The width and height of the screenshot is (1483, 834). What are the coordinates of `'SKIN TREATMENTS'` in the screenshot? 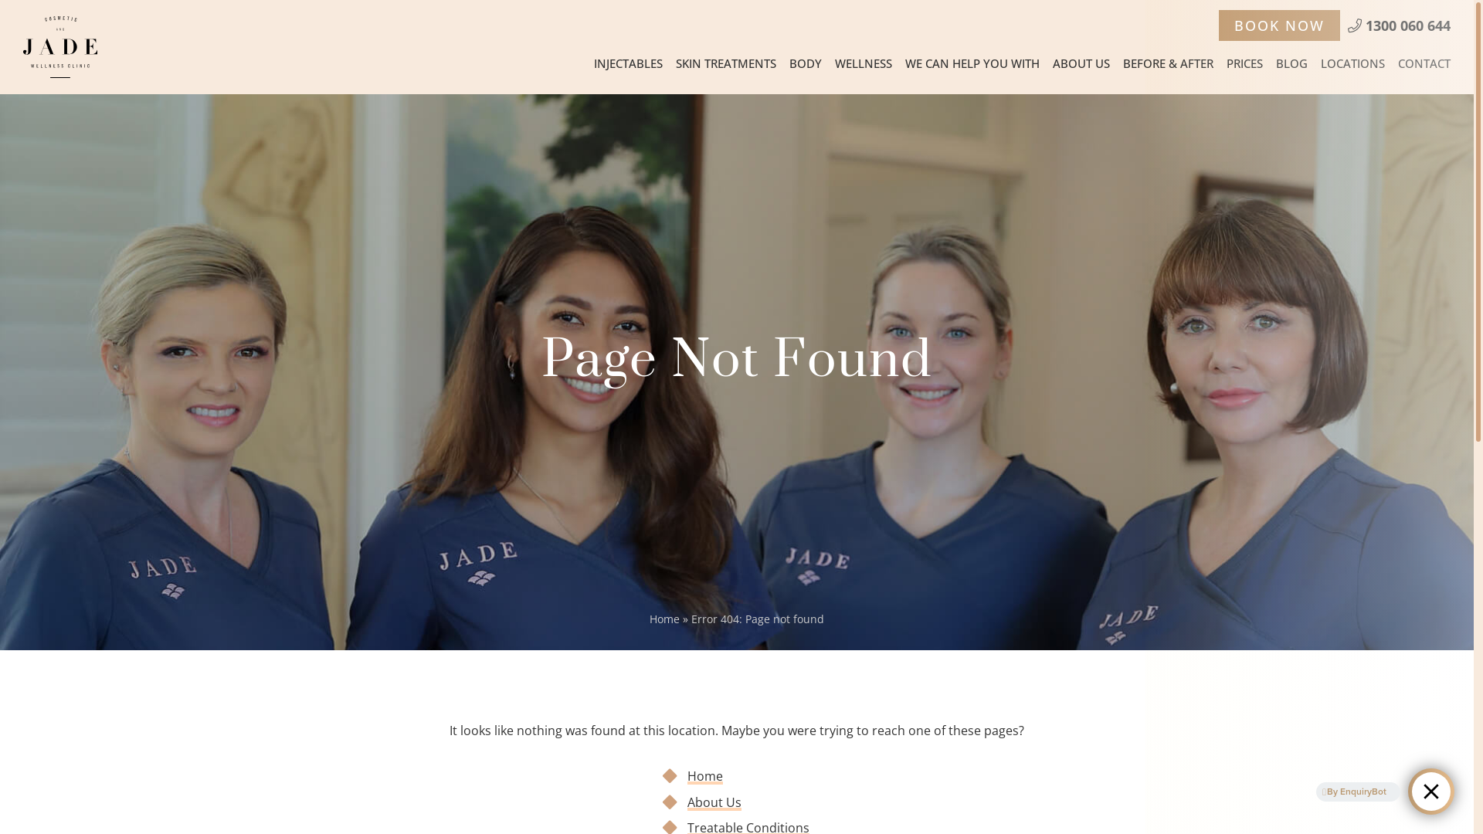 It's located at (725, 62).